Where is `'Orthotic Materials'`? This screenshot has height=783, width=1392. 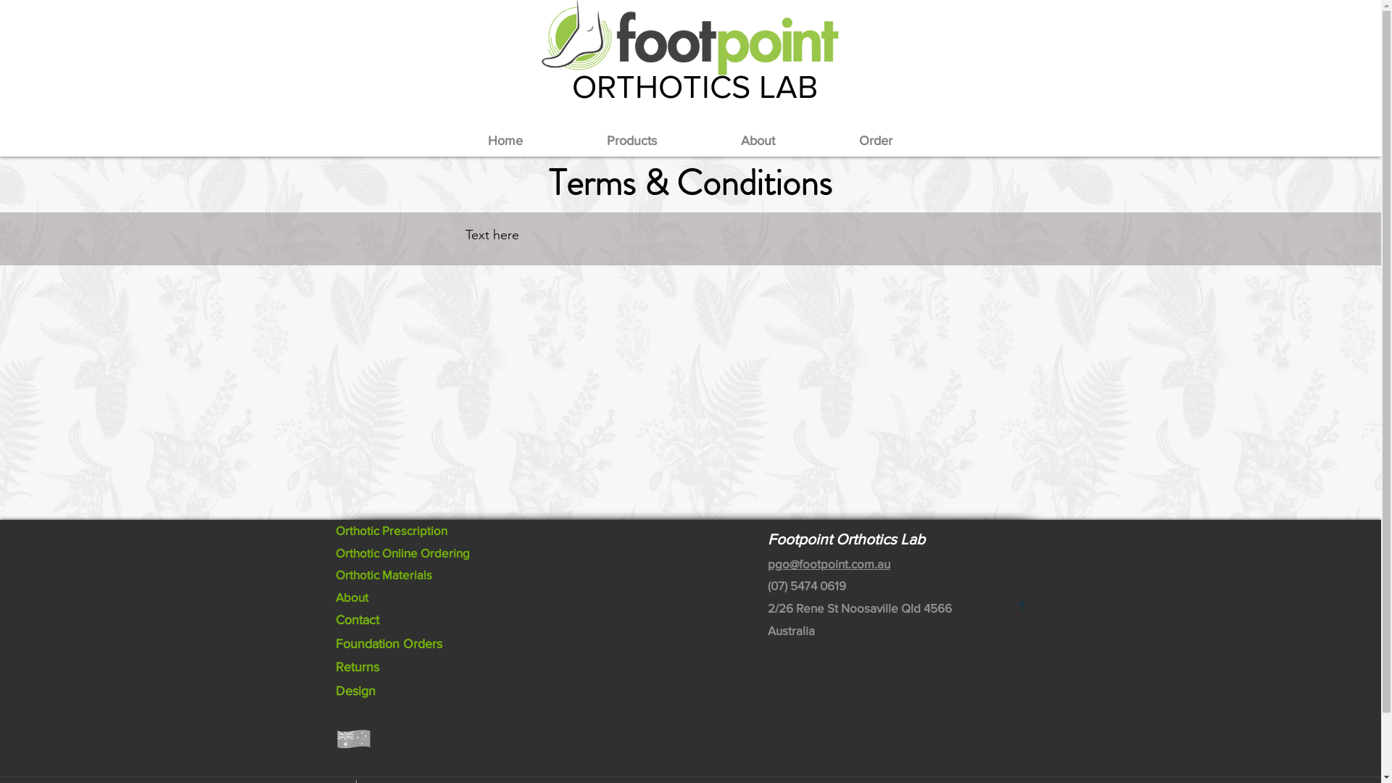 'Orthotic Materials' is located at coordinates (383, 573).